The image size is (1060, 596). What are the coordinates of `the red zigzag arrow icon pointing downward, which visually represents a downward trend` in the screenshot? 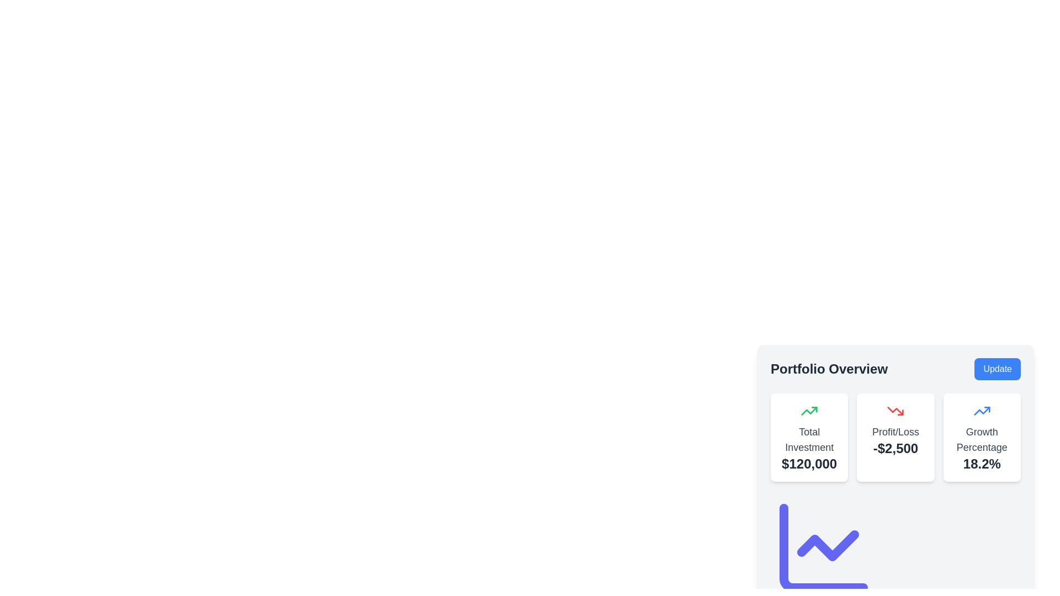 It's located at (895, 411).